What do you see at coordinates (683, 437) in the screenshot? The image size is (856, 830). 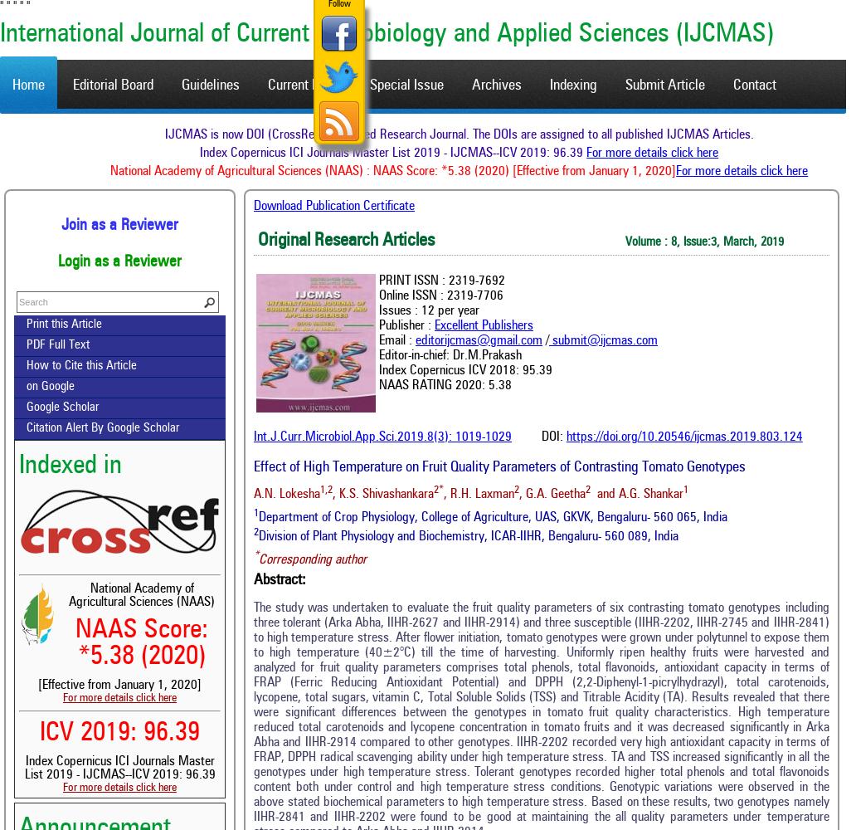 I see `'https://doi.org/10.20546/ijcmas.2019.803.124'` at bounding box center [683, 437].